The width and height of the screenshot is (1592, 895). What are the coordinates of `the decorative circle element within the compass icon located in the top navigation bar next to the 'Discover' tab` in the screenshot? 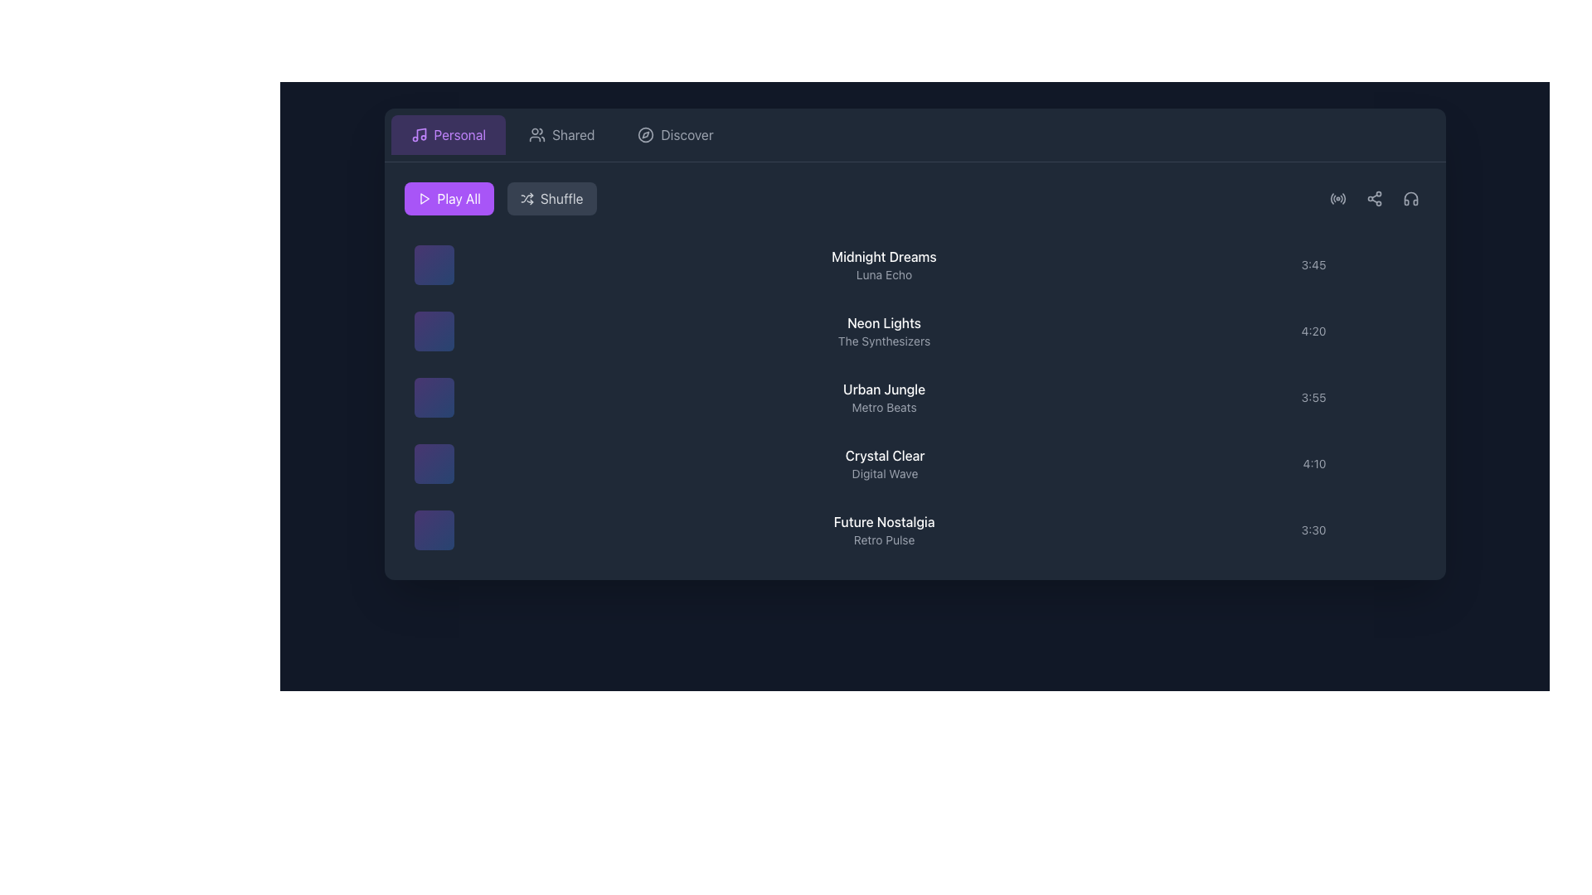 It's located at (645, 133).